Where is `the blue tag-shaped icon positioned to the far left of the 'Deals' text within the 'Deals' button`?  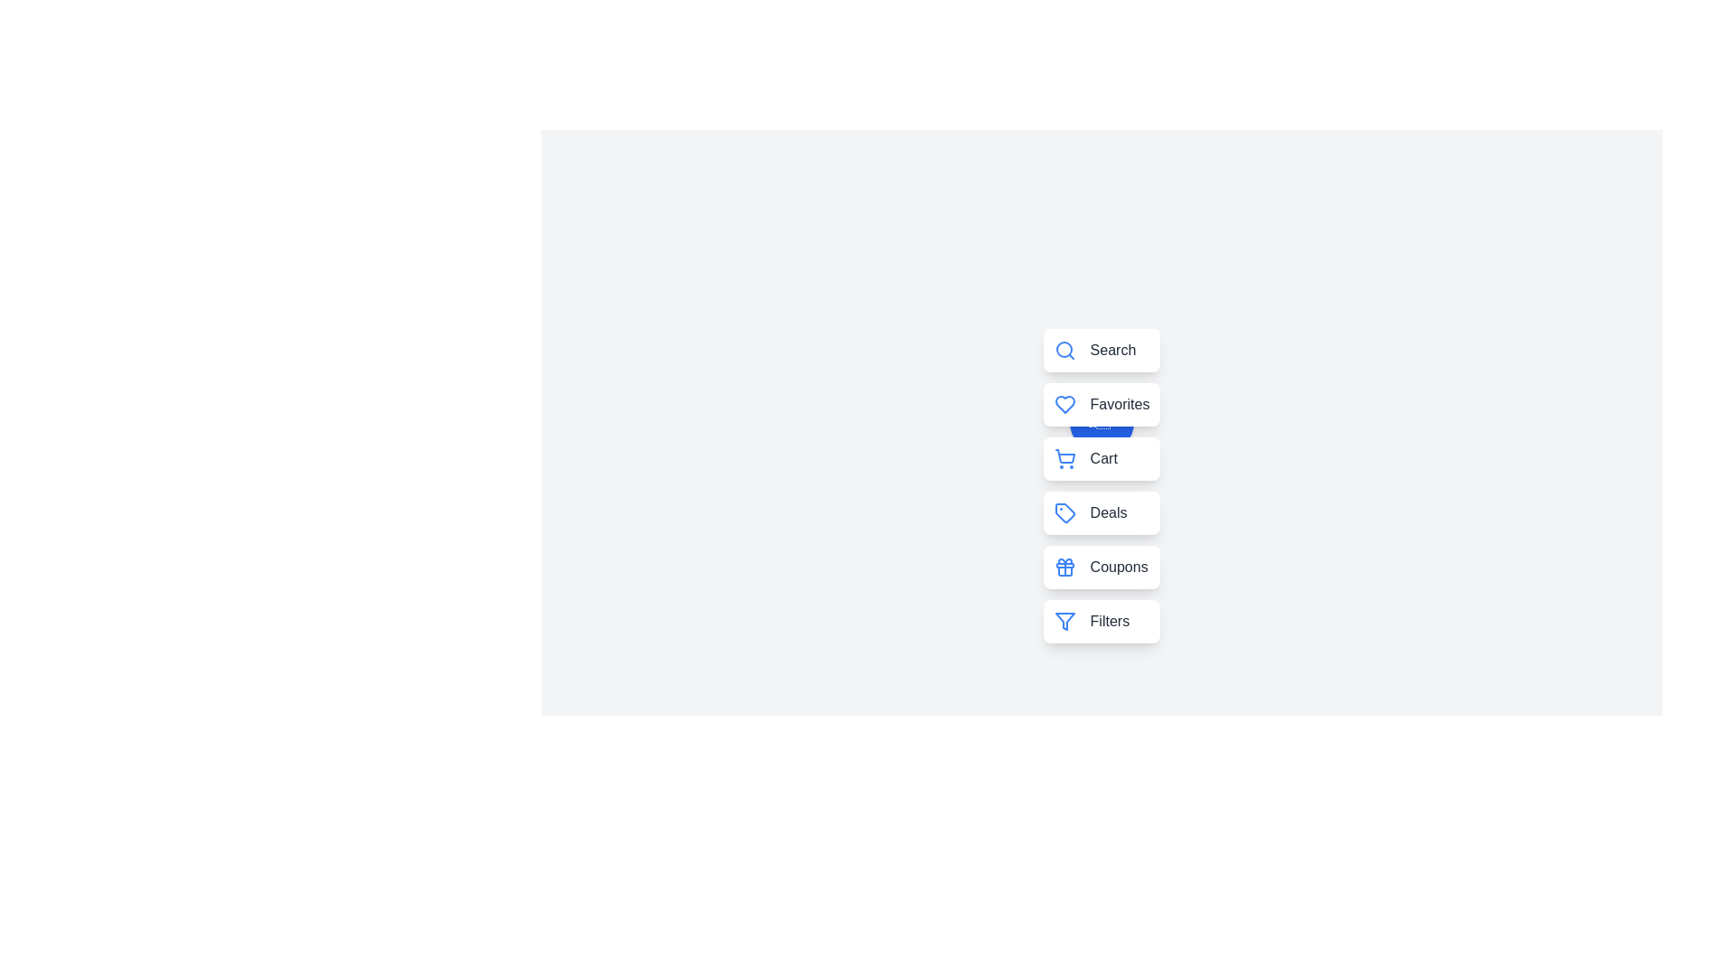 the blue tag-shaped icon positioned to the far left of the 'Deals' text within the 'Deals' button is located at coordinates (1064, 512).